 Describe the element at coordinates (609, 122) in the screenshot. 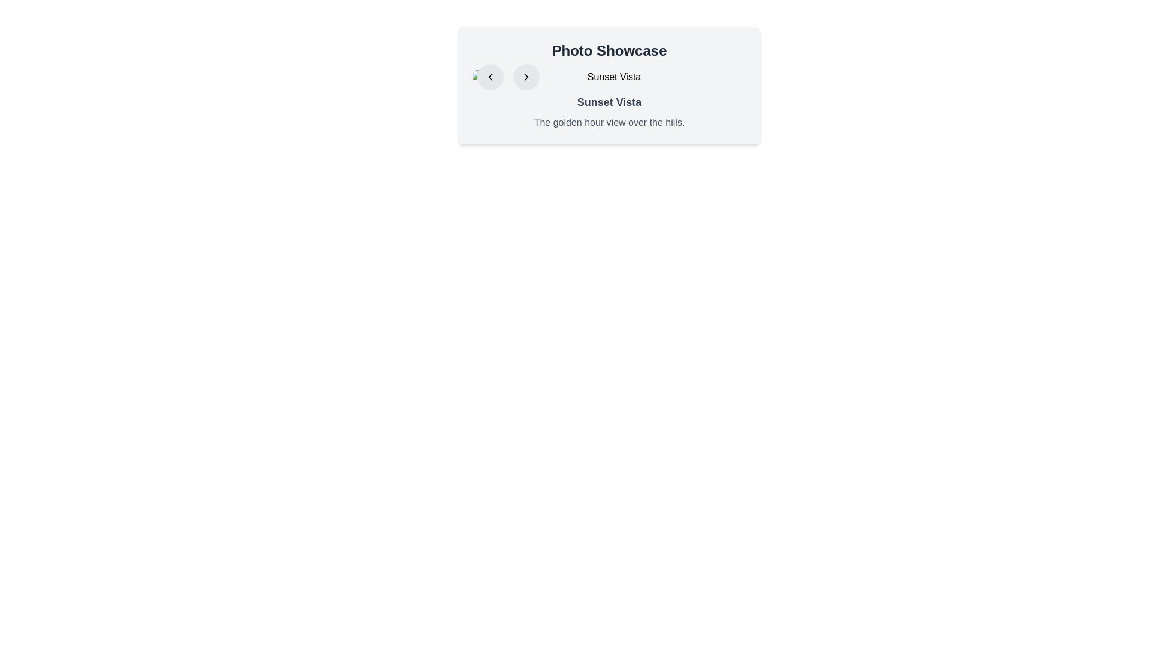

I see `the text display element showing 'The golden hour view over the hills.' which is positioned below 'Sunset Vista'` at that location.